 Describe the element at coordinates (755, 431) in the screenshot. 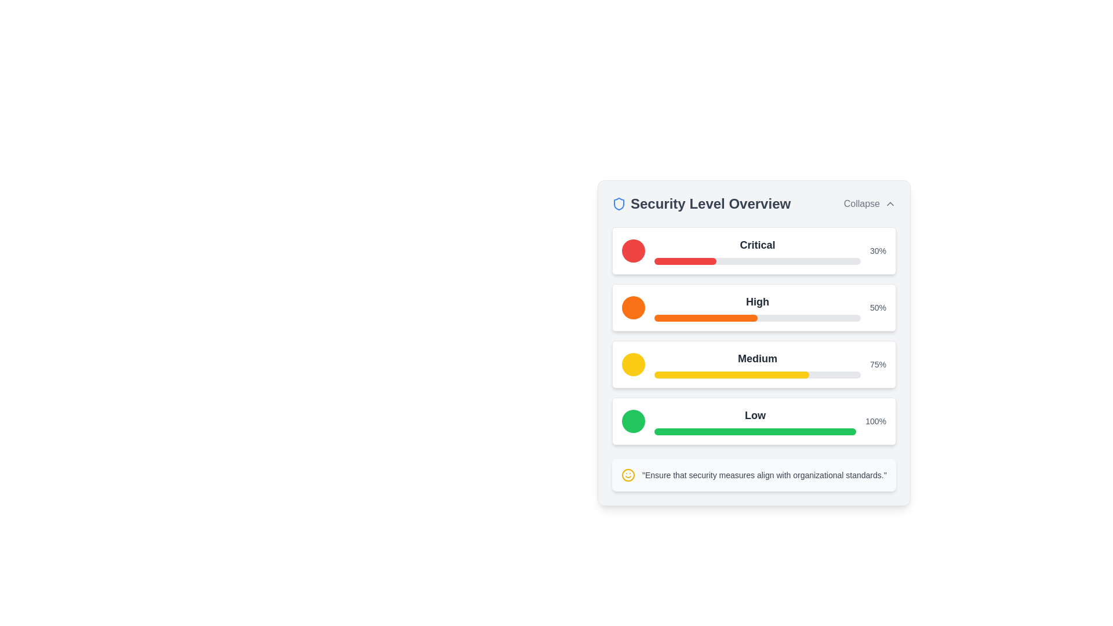

I see `the fully filled green progress bar located in the bottommost row of the four progress indicators under the heading 'Security Level Overview', directly beneath the 'Low' text` at that location.